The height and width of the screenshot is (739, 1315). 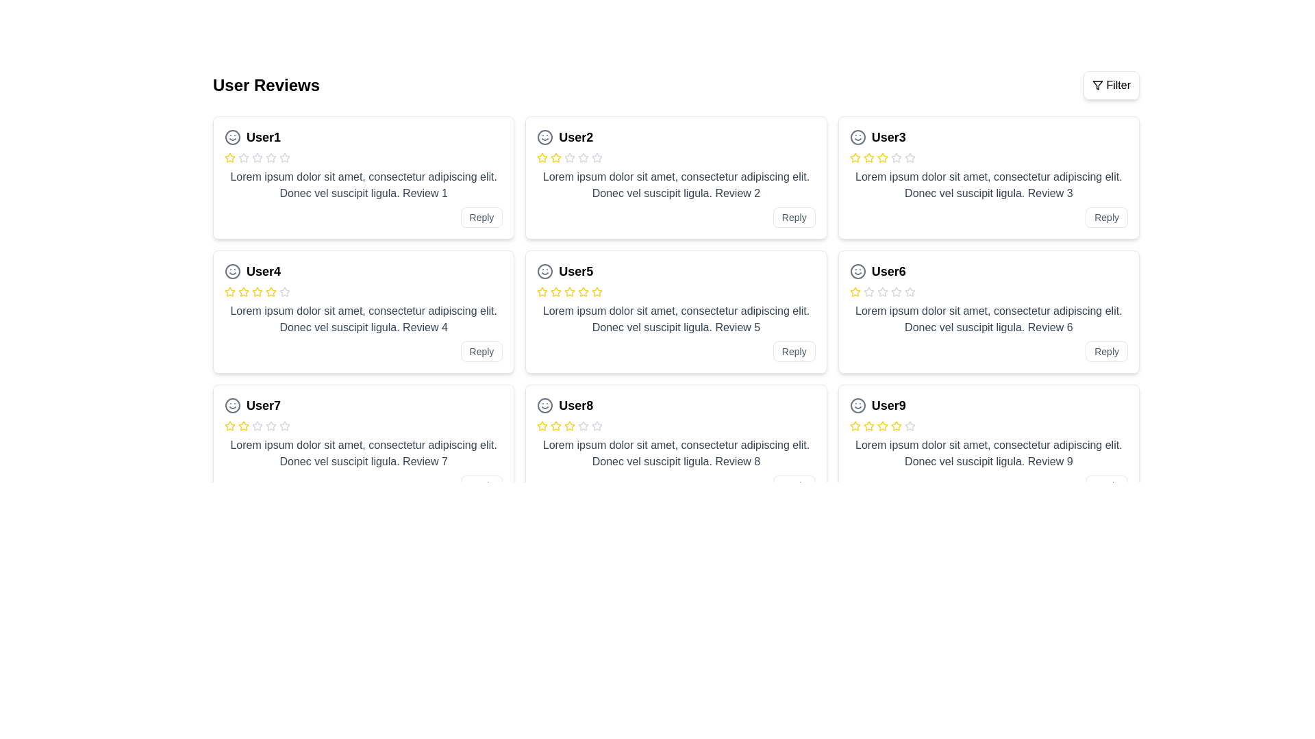 I want to click on the textual description element styled in gray color that discusses 'Review 9' in the comment section for 'User9', so click(x=988, y=454).